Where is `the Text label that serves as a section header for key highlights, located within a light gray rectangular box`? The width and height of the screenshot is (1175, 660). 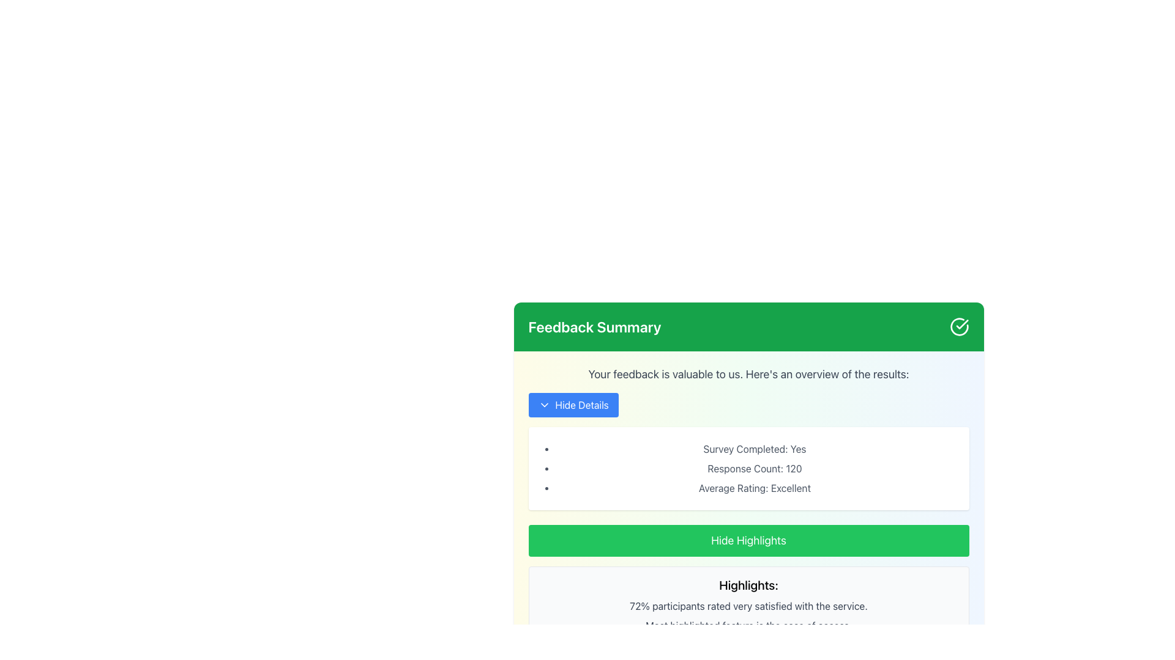
the Text label that serves as a section header for key highlights, located within a light gray rectangular box is located at coordinates (748, 584).